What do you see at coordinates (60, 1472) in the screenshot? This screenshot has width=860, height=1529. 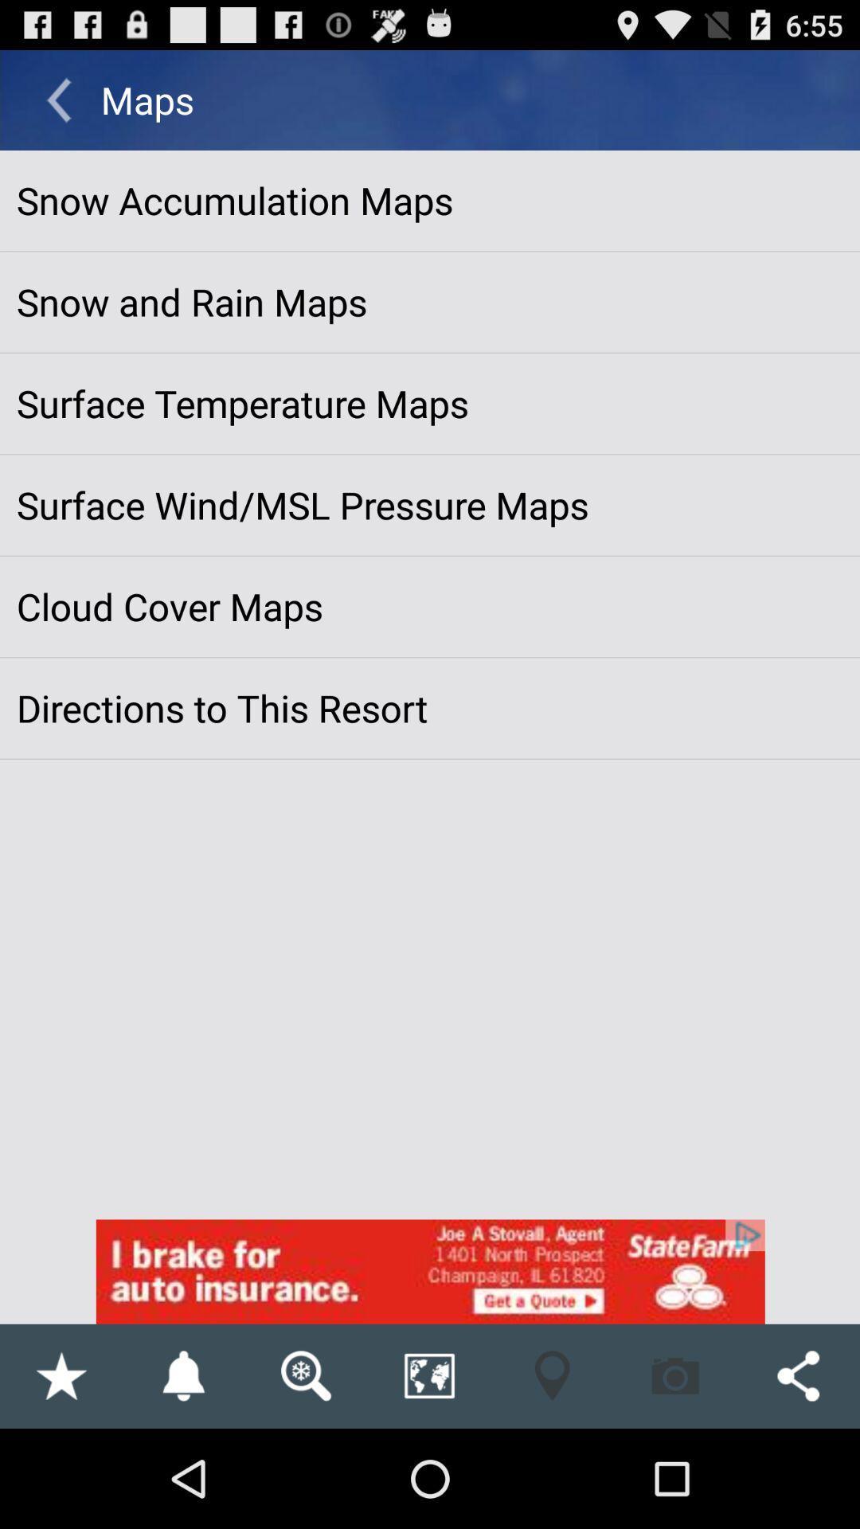 I see `the star icon` at bounding box center [60, 1472].